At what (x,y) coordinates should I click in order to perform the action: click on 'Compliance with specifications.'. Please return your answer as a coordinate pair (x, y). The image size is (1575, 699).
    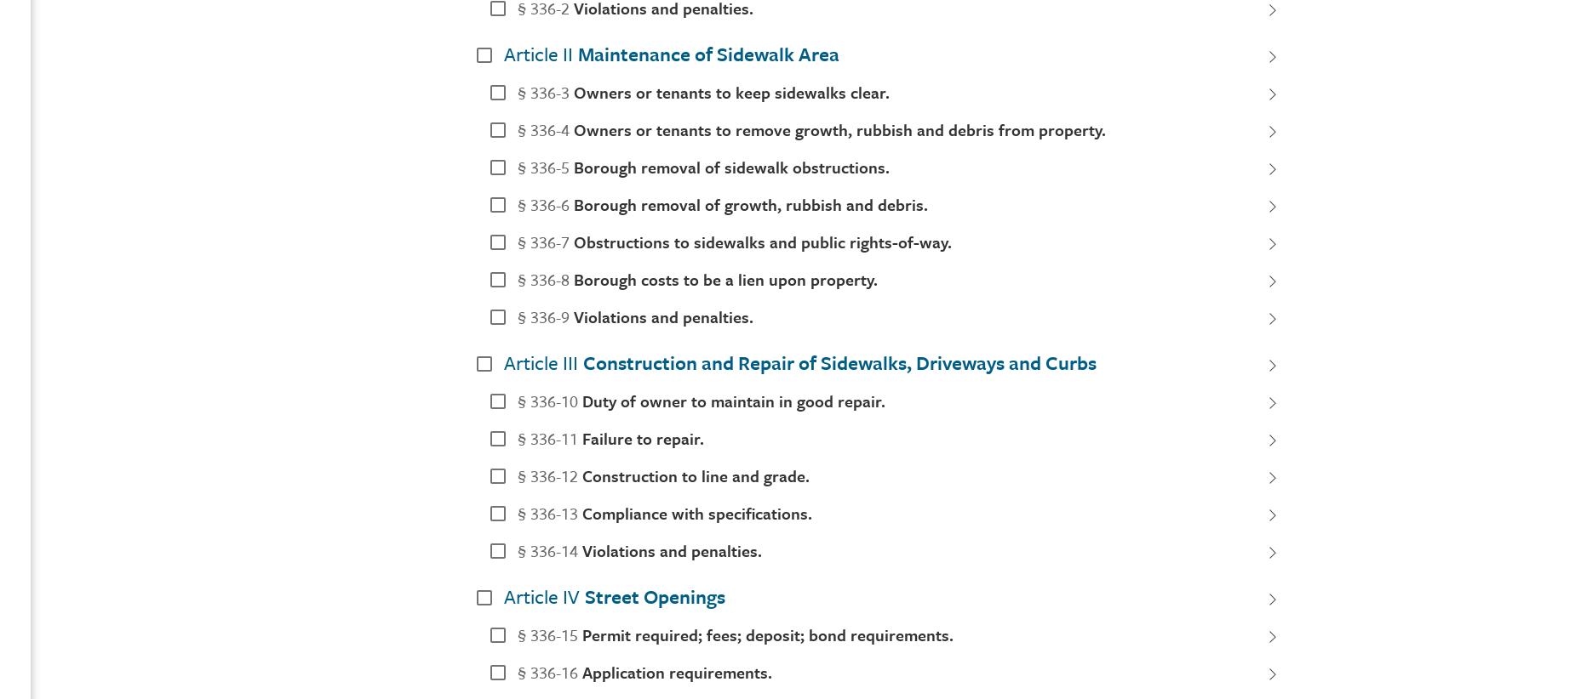
    Looking at the image, I should click on (581, 511).